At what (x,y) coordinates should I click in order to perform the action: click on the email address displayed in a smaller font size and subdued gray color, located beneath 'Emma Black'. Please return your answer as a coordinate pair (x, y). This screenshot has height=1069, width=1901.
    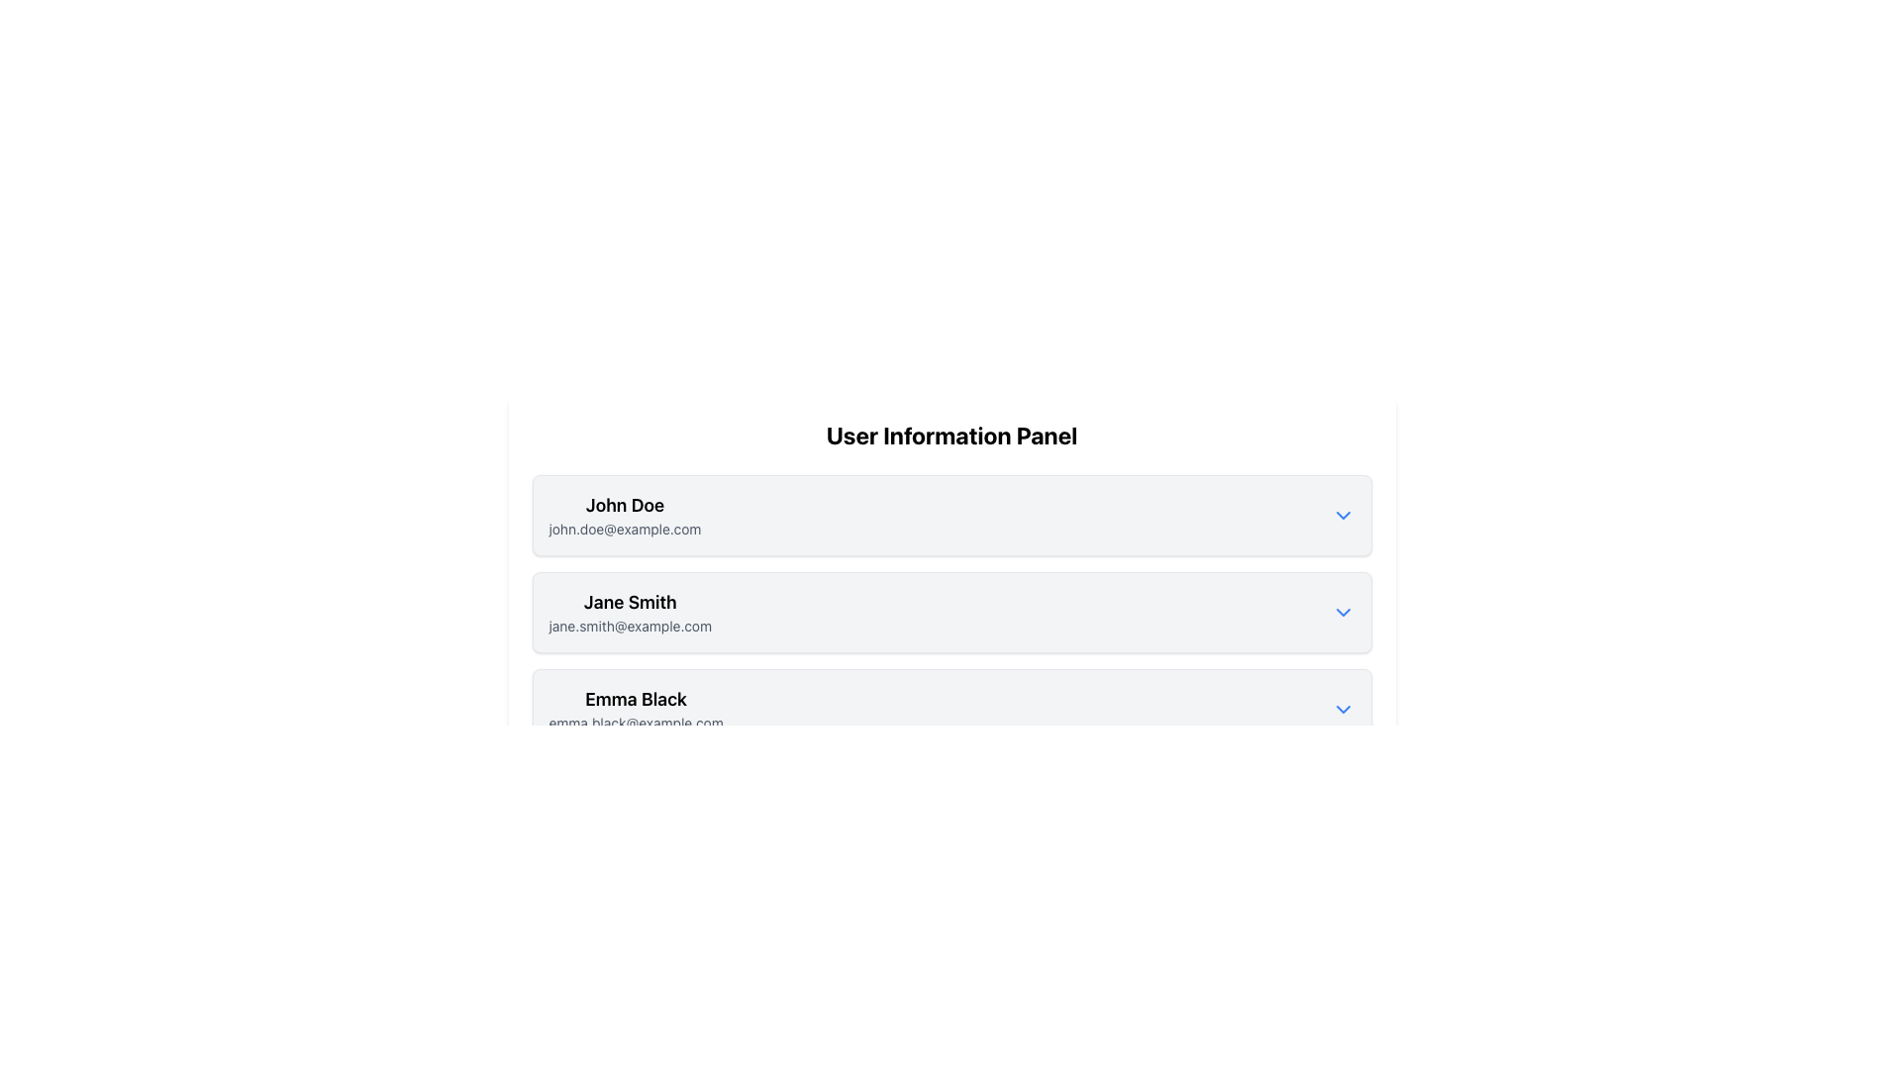
    Looking at the image, I should click on (636, 724).